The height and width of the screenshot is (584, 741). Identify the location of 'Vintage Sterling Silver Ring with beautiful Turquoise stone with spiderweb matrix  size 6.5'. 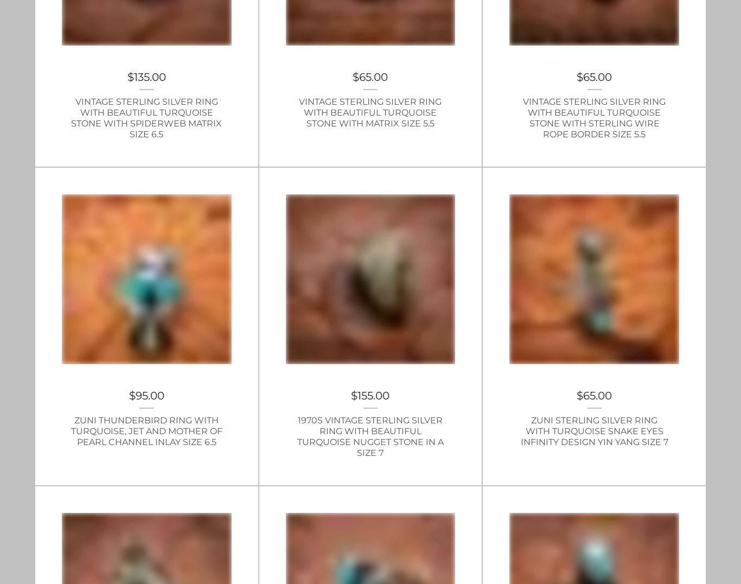
(70, 117).